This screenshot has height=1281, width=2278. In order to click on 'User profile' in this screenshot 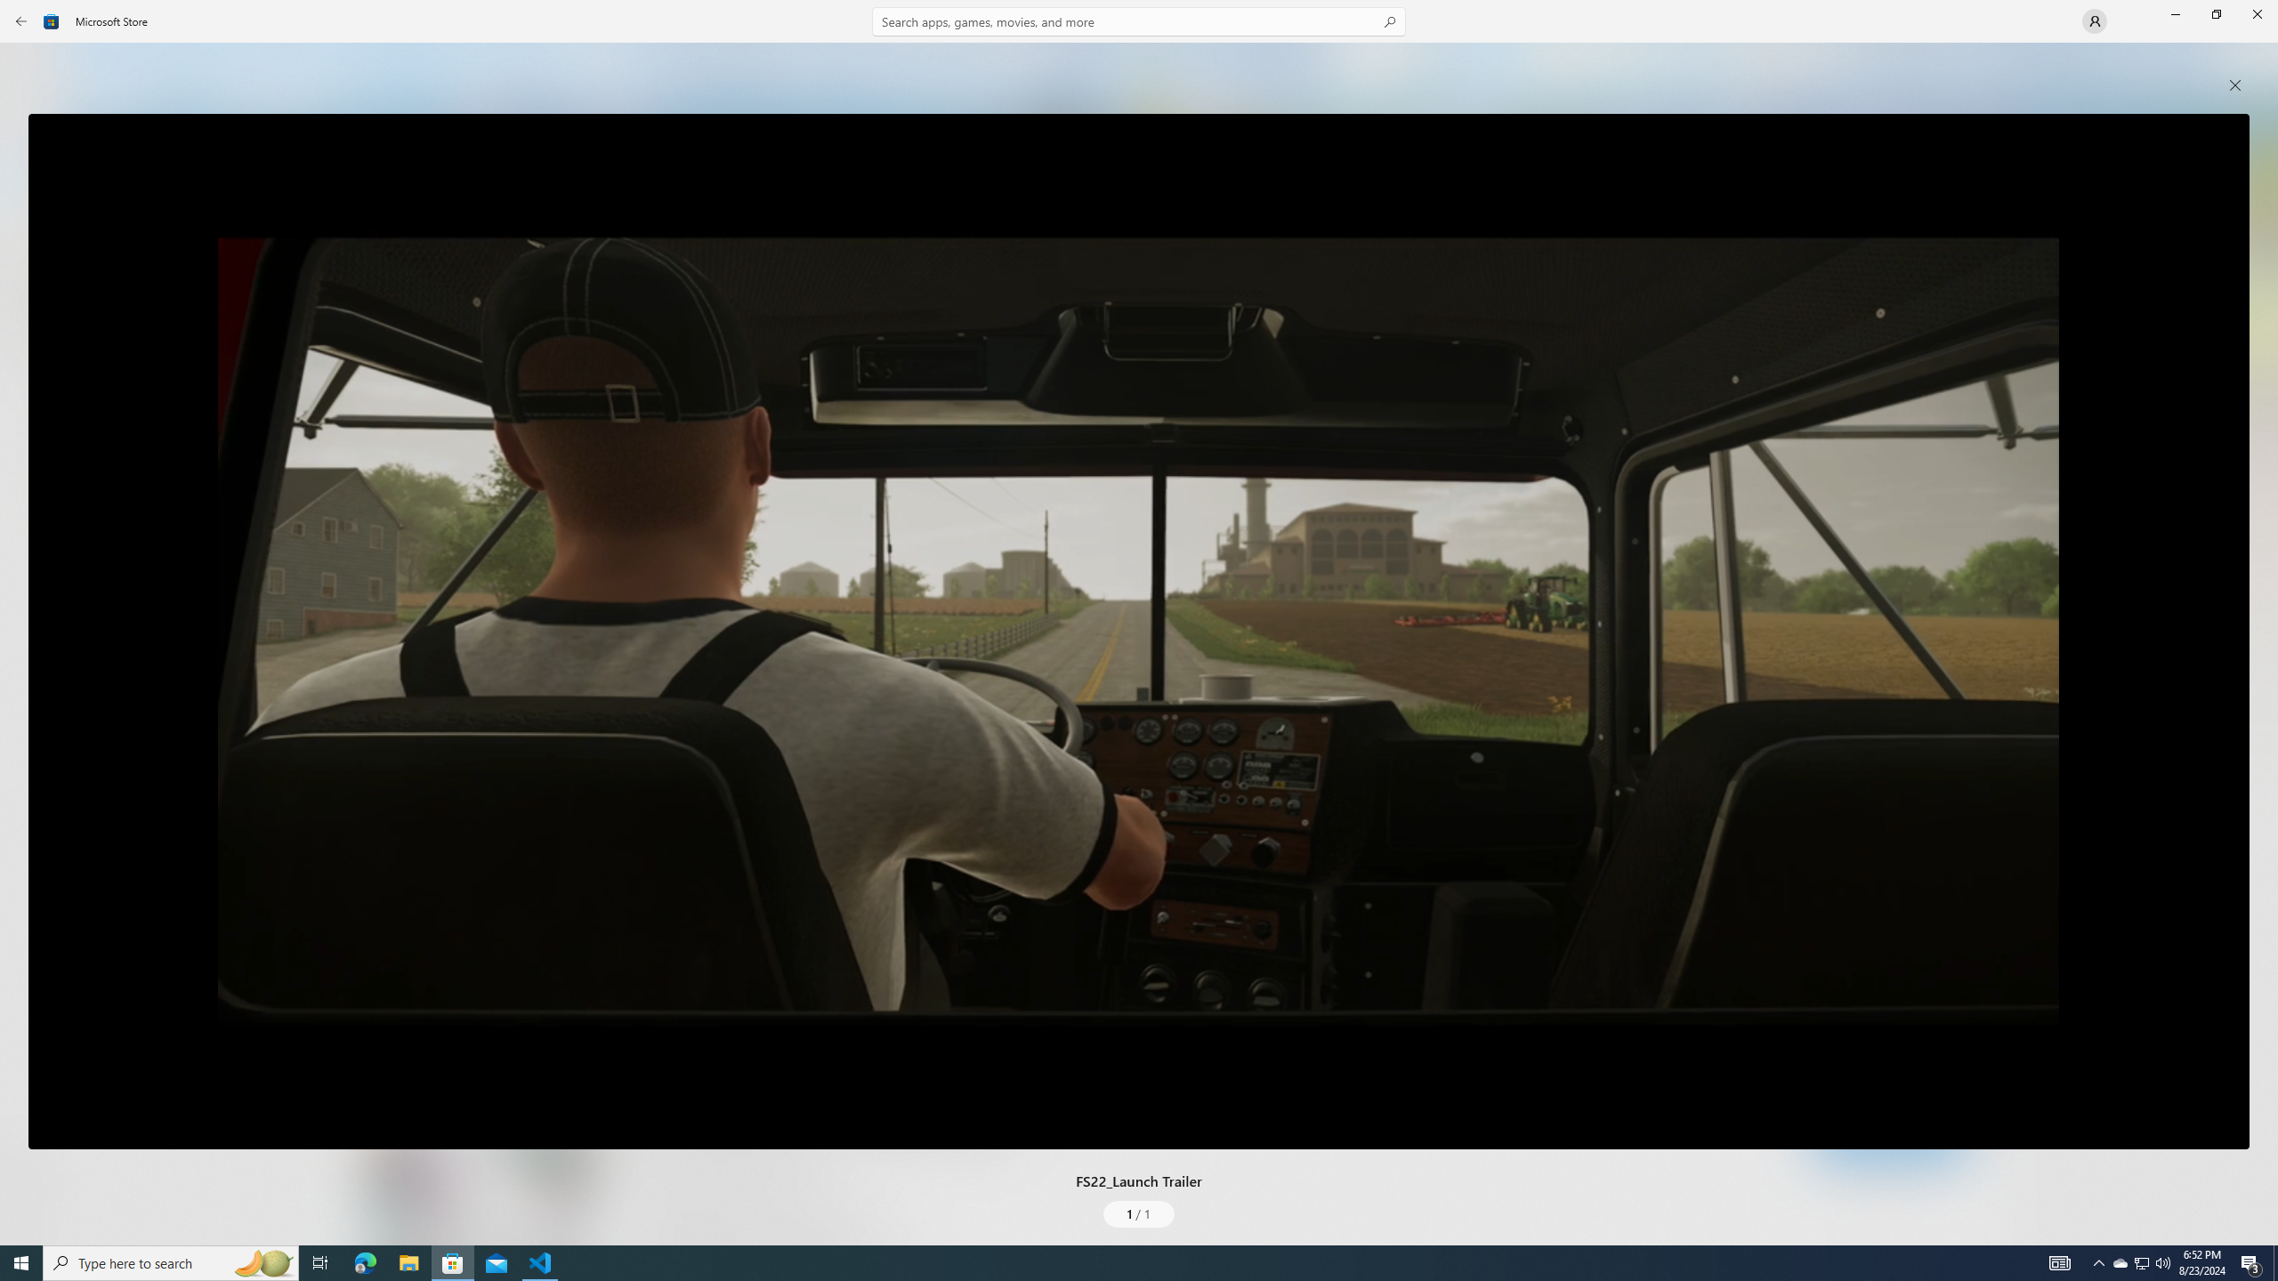, I will do `click(2093, 20)`.